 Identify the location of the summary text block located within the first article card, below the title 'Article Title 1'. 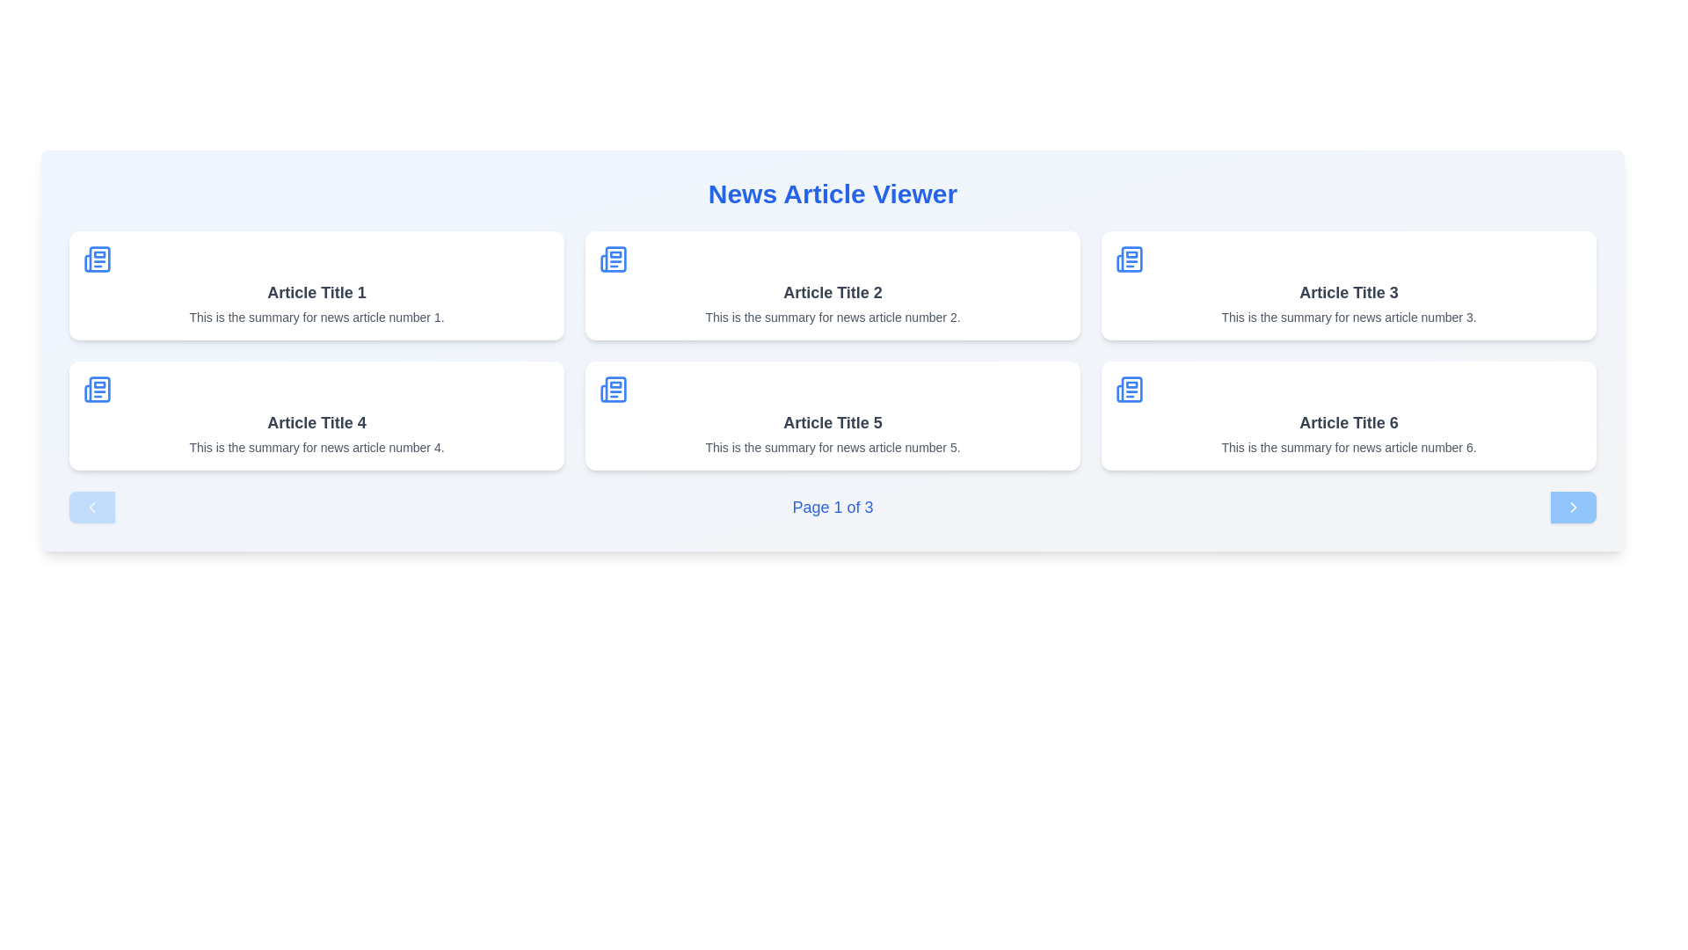
(316, 318).